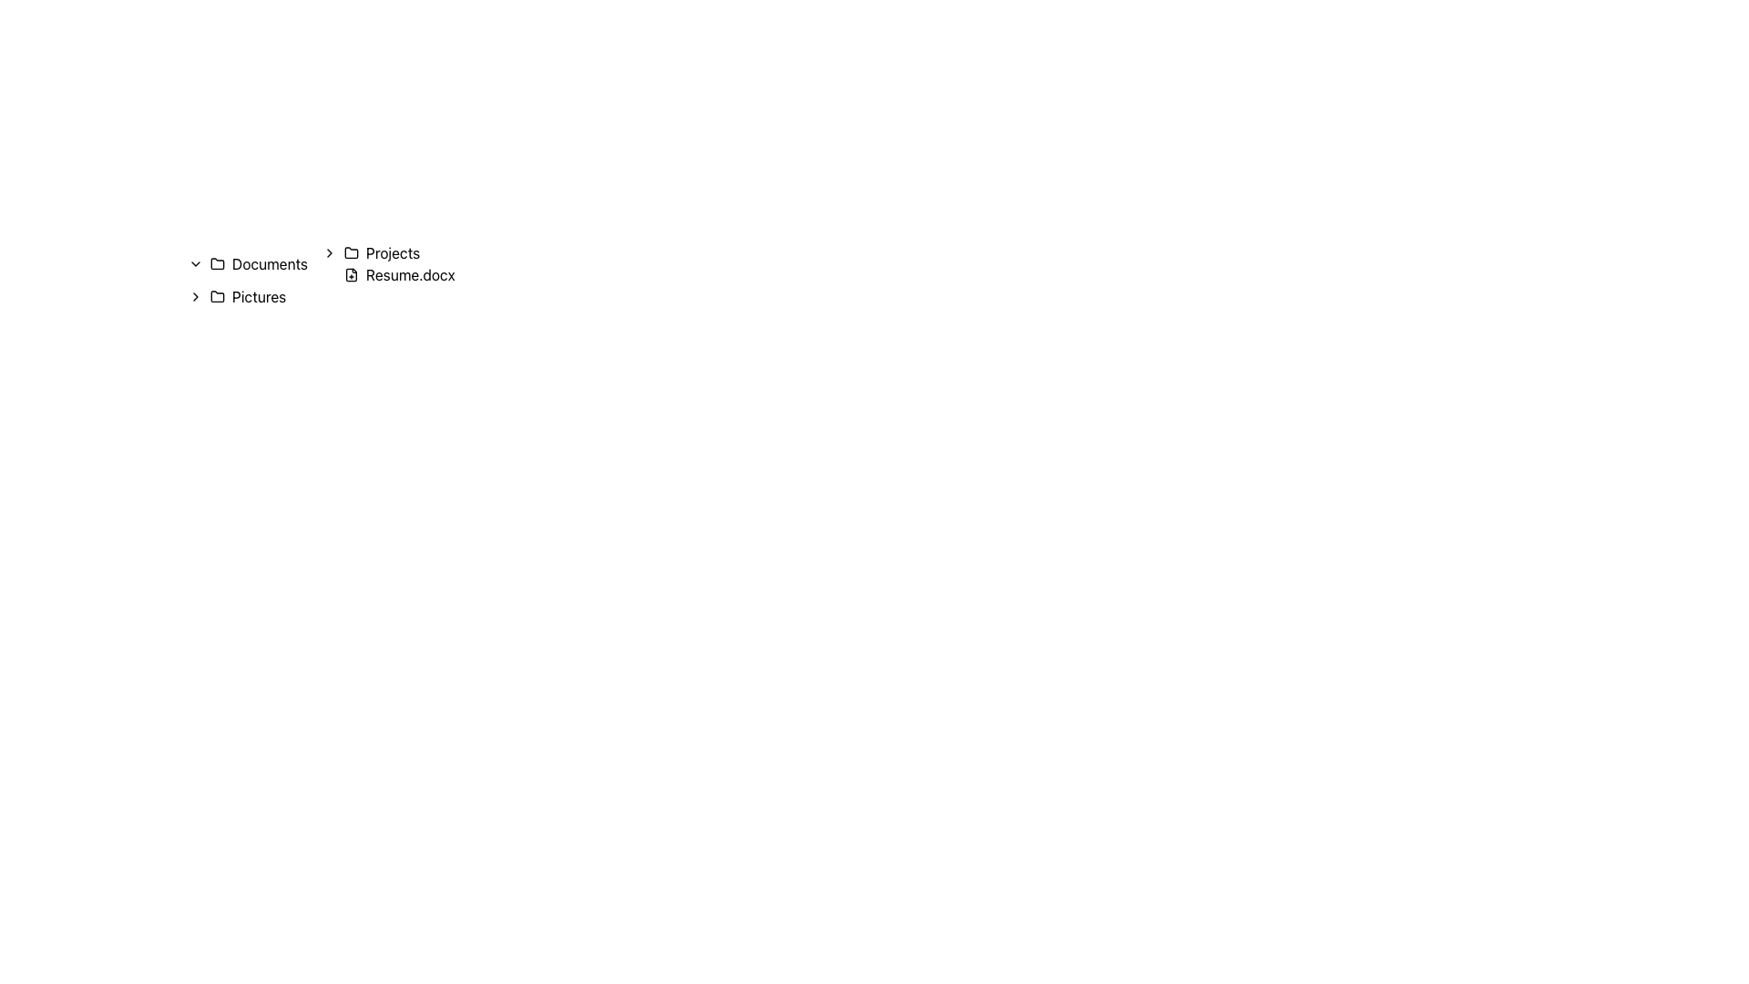  What do you see at coordinates (329, 252) in the screenshot?
I see `the Chevron Icon` at bounding box center [329, 252].